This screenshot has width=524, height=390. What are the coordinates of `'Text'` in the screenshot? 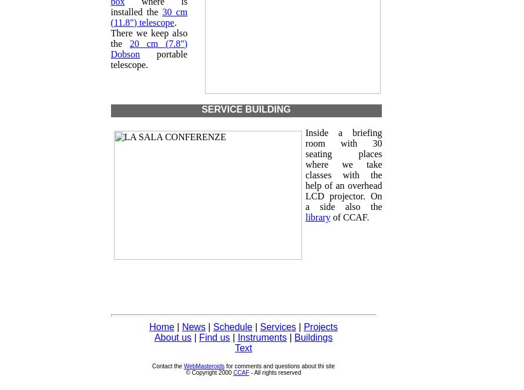 It's located at (233, 348).